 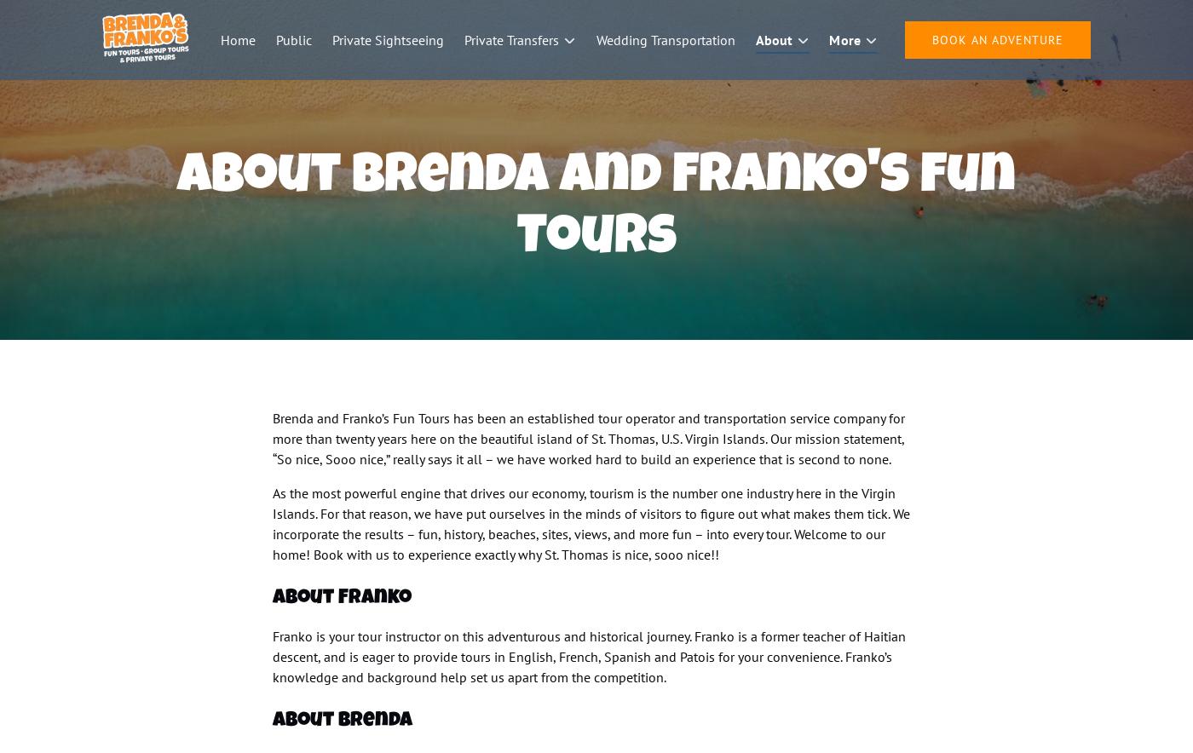 What do you see at coordinates (997, 39) in the screenshot?
I see `'Book An Adventure'` at bounding box center [997, 39].